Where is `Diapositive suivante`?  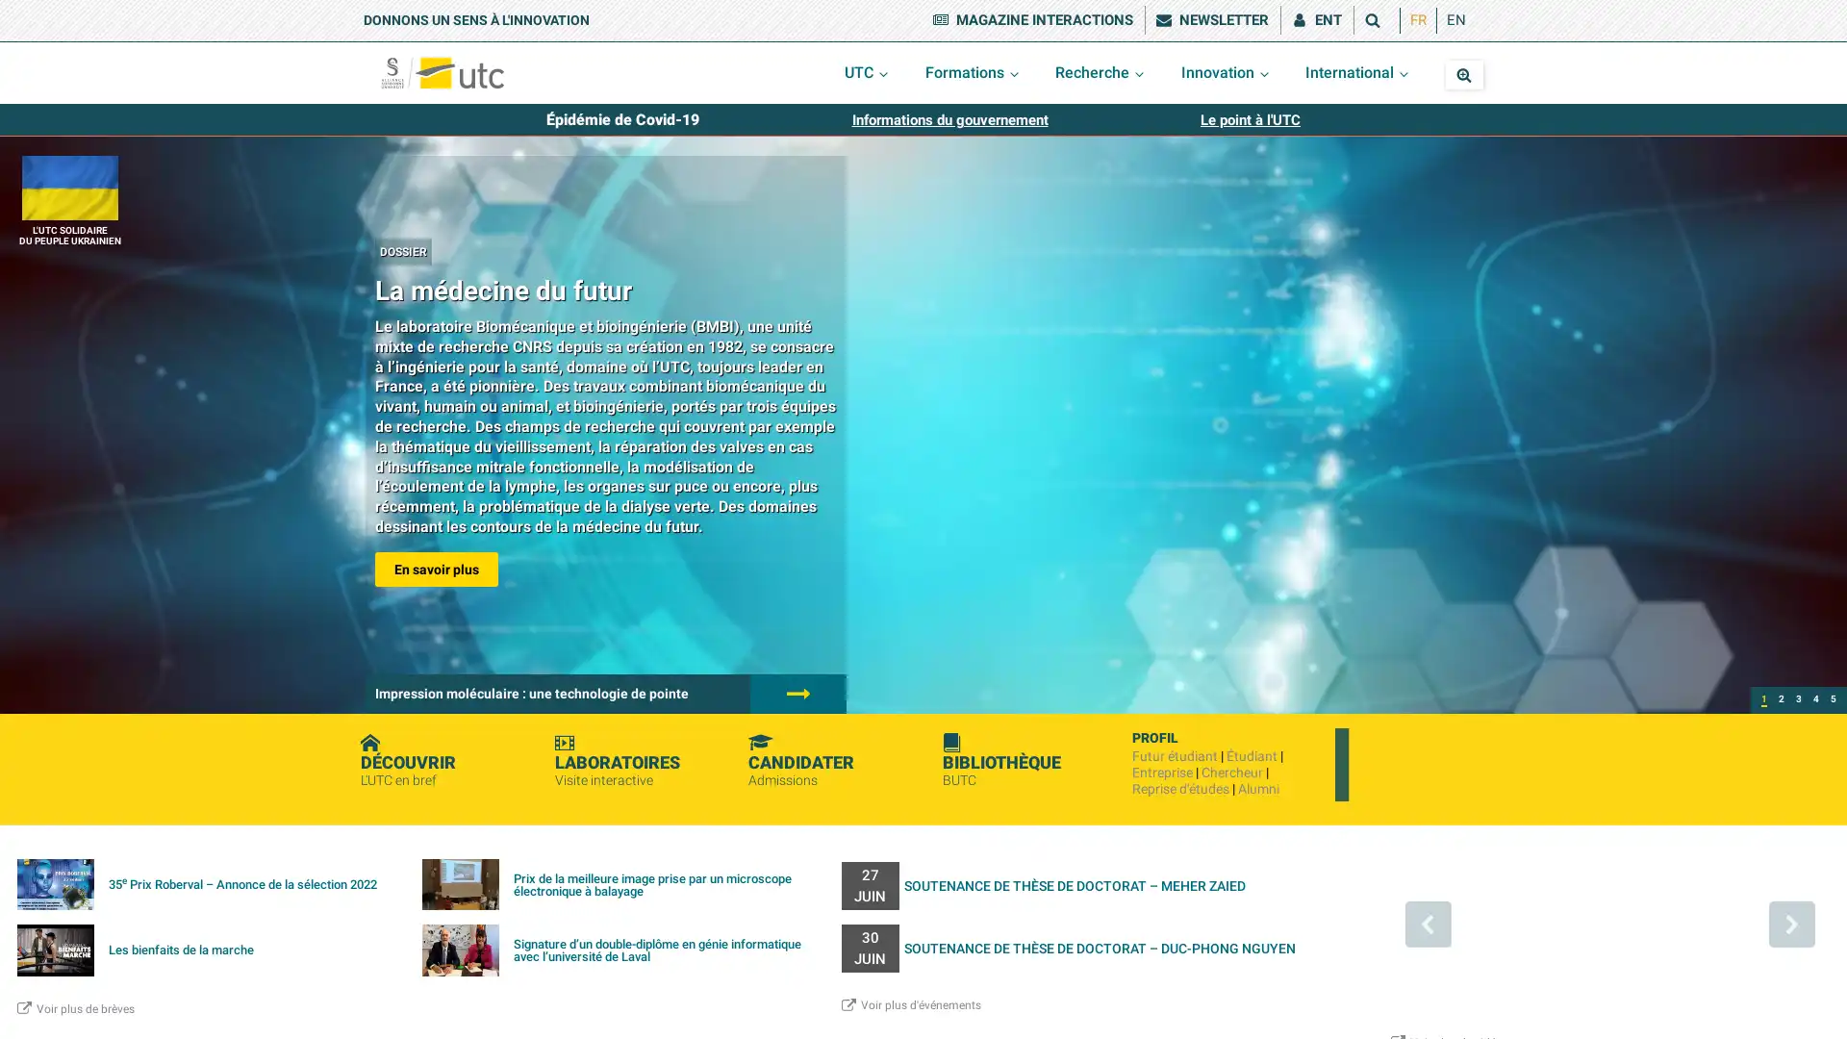 Diapositive suivante is located at coordinates (1790, 923).